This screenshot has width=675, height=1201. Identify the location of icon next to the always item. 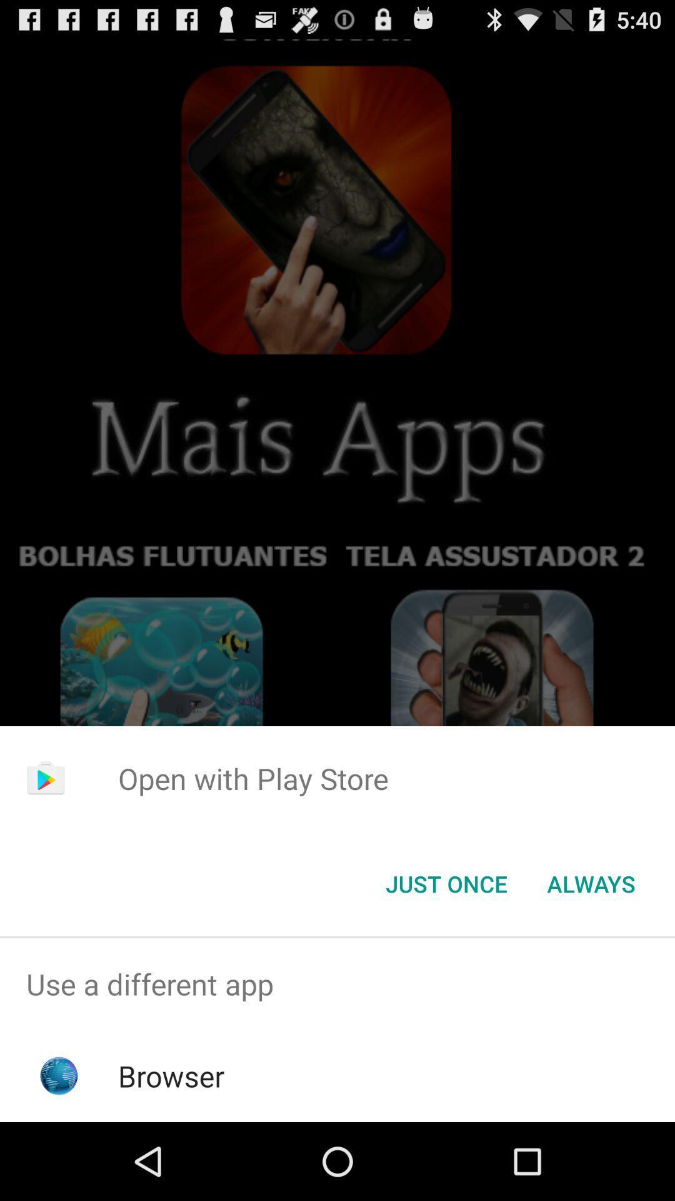
(446, 883).